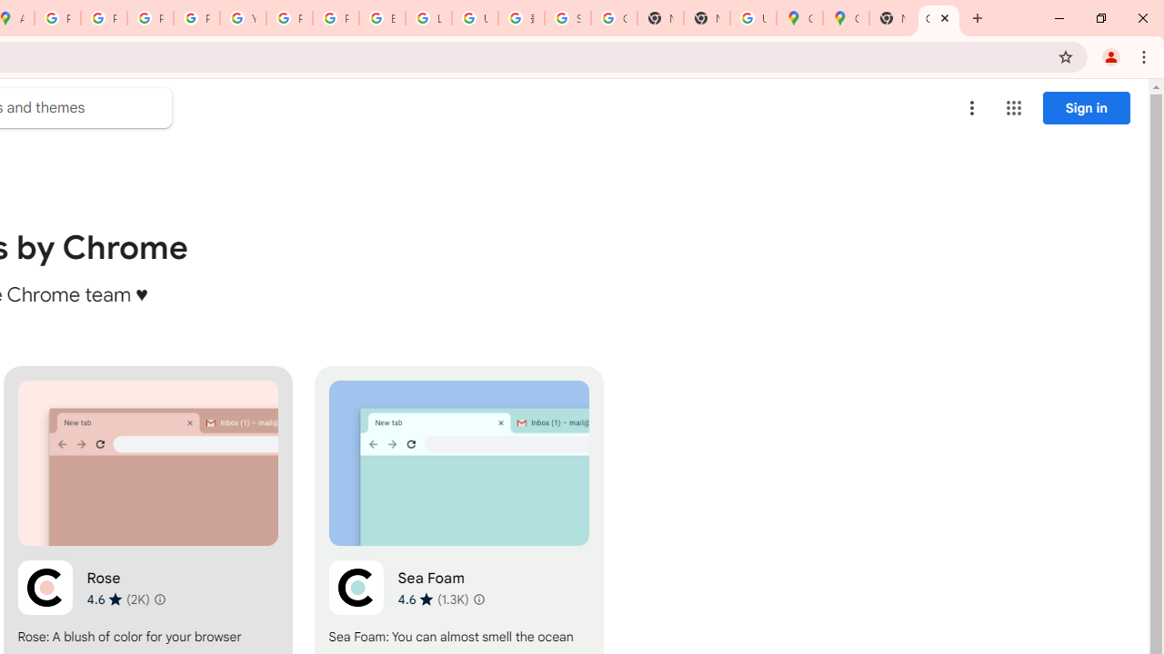  Describe the element at coordinates (160, 599) in the screenshot. I see `'Learn more about results and reviews "Rose"'` at that location.